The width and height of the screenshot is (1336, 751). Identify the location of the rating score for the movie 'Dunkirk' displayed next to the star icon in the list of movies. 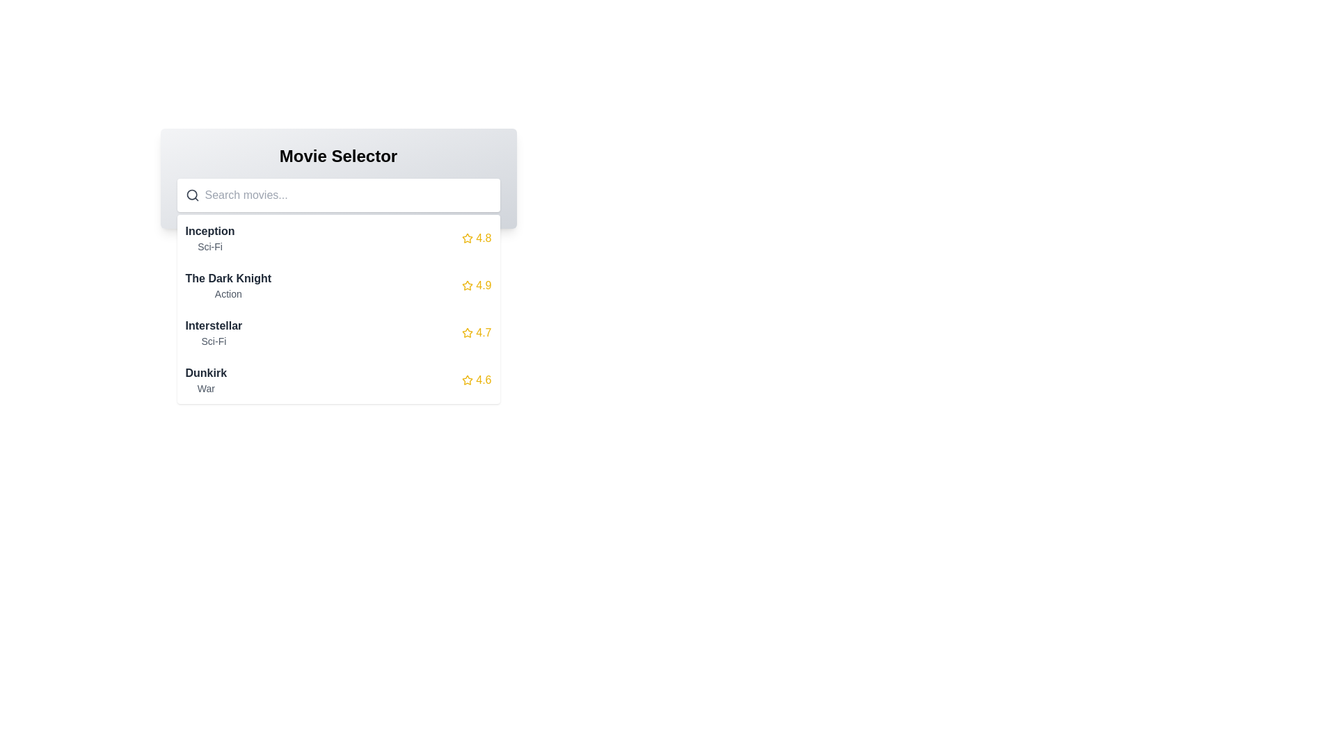
(484, 380).